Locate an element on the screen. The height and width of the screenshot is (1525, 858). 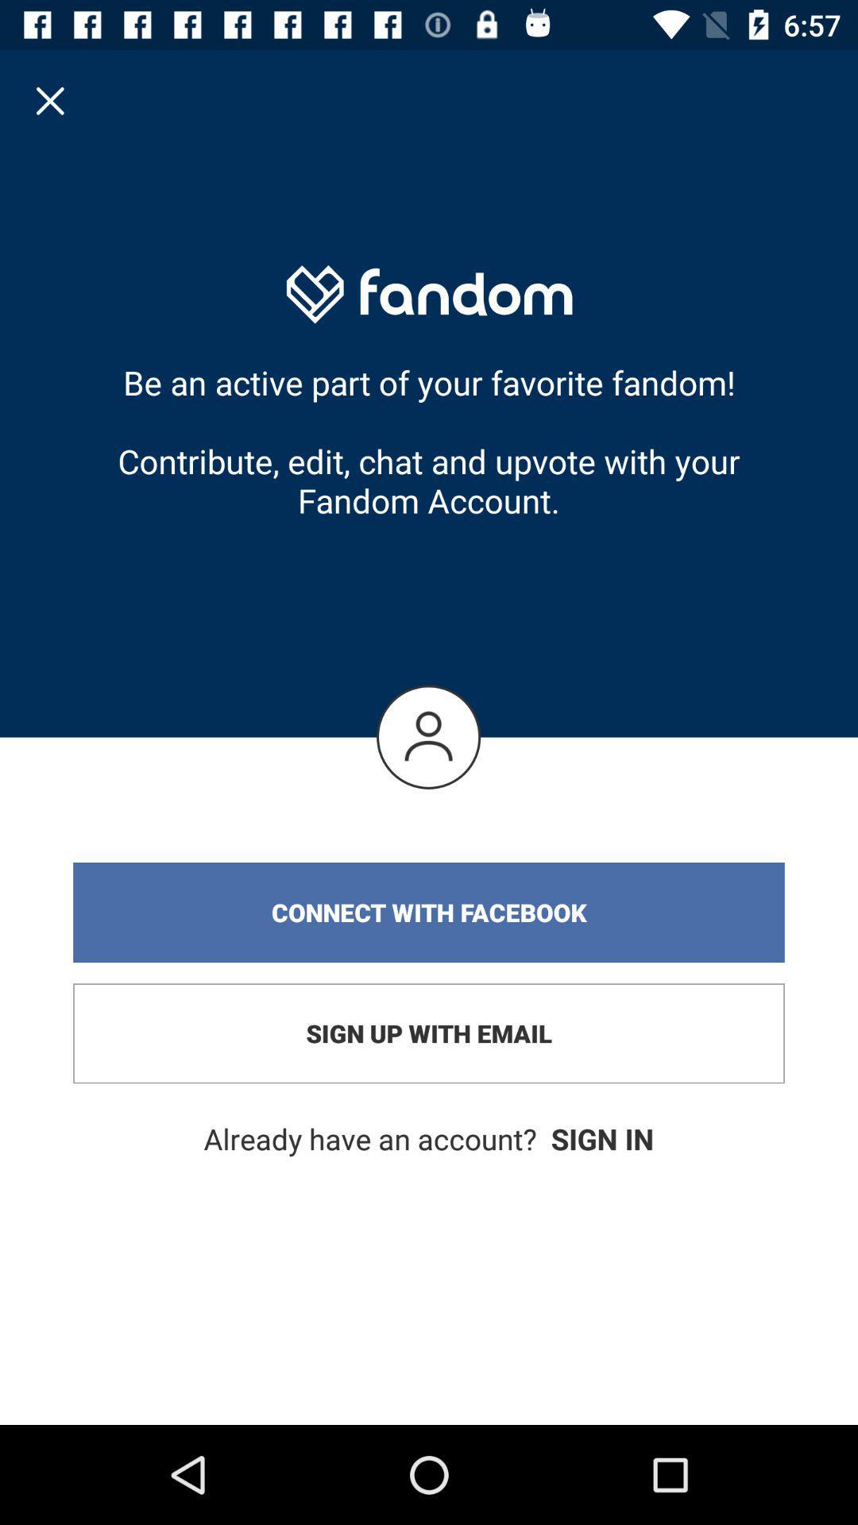
the close icon is located at coordinates (49, 99).